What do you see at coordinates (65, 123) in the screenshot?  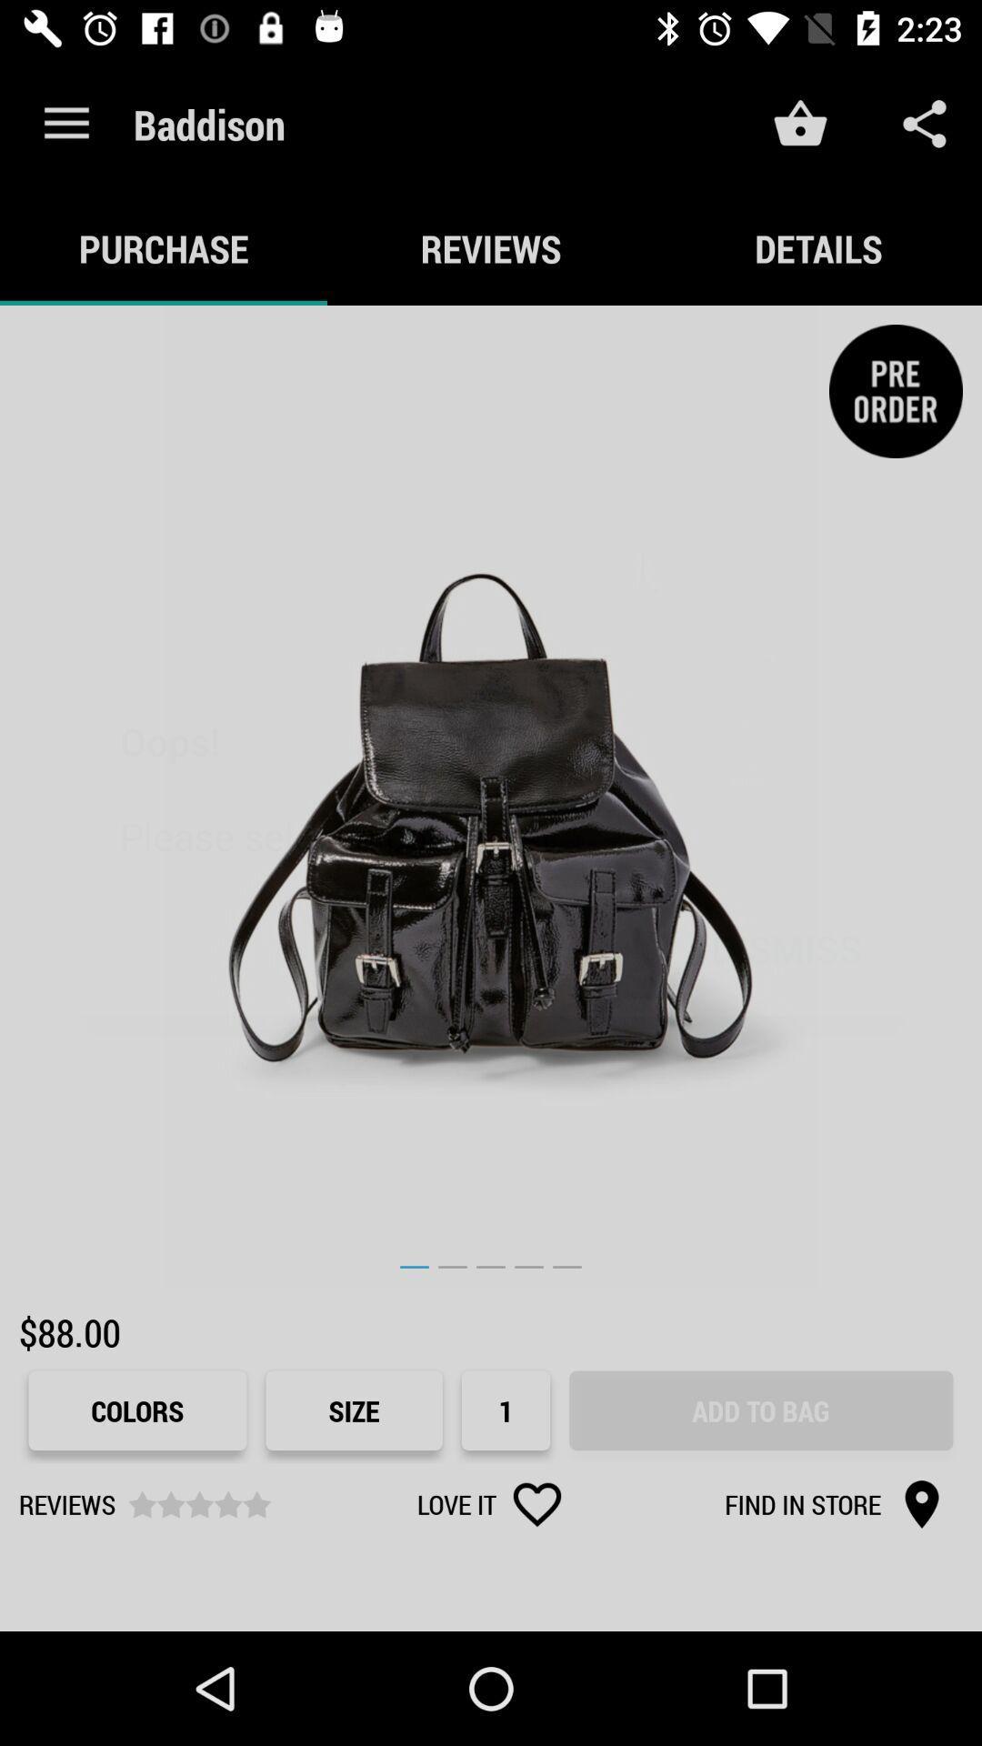 I see `the icon next to the baddison item` at bounding box center [65, 123].